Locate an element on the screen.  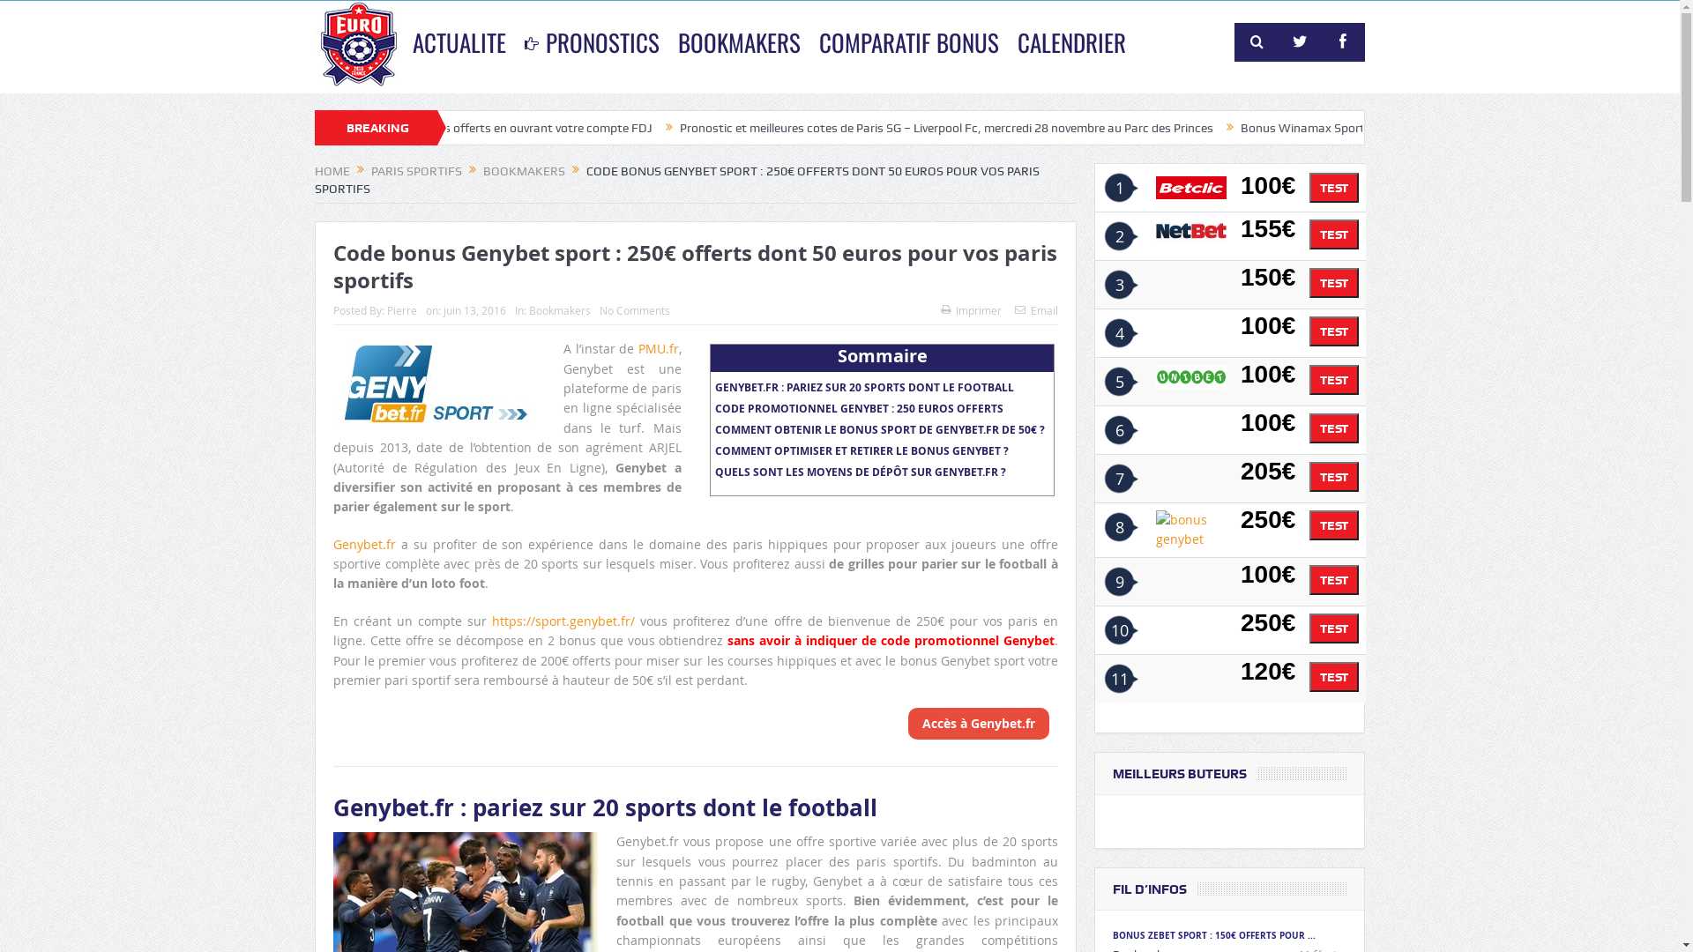
'Imprimer' is located at coordinates (970, 309).